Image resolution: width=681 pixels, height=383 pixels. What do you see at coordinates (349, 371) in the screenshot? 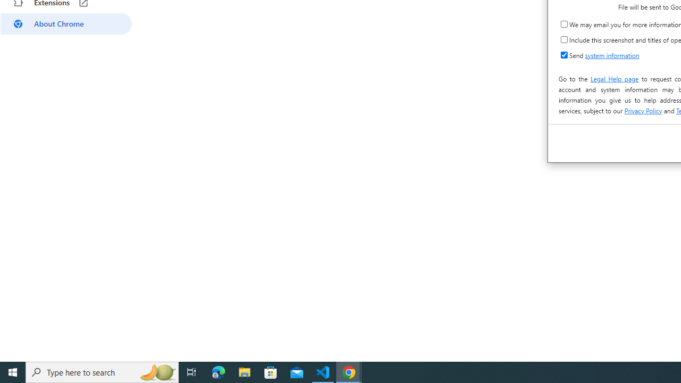
I see `'Google Chrome - 2 running windows'` at bounding box center [349, 371].